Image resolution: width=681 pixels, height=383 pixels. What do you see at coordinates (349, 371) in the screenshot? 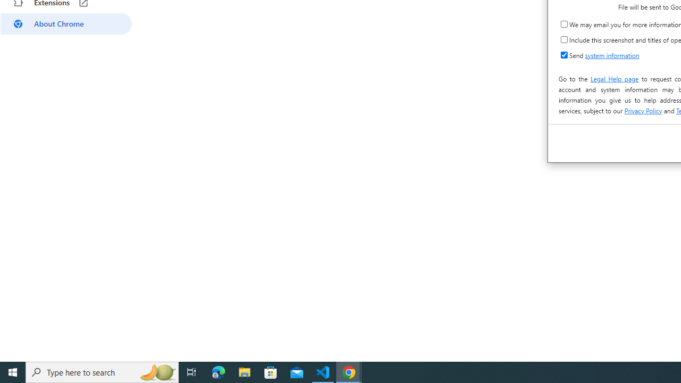
I see `'Google Chrome - 2 running windows'` at bounding box center [349, 371].